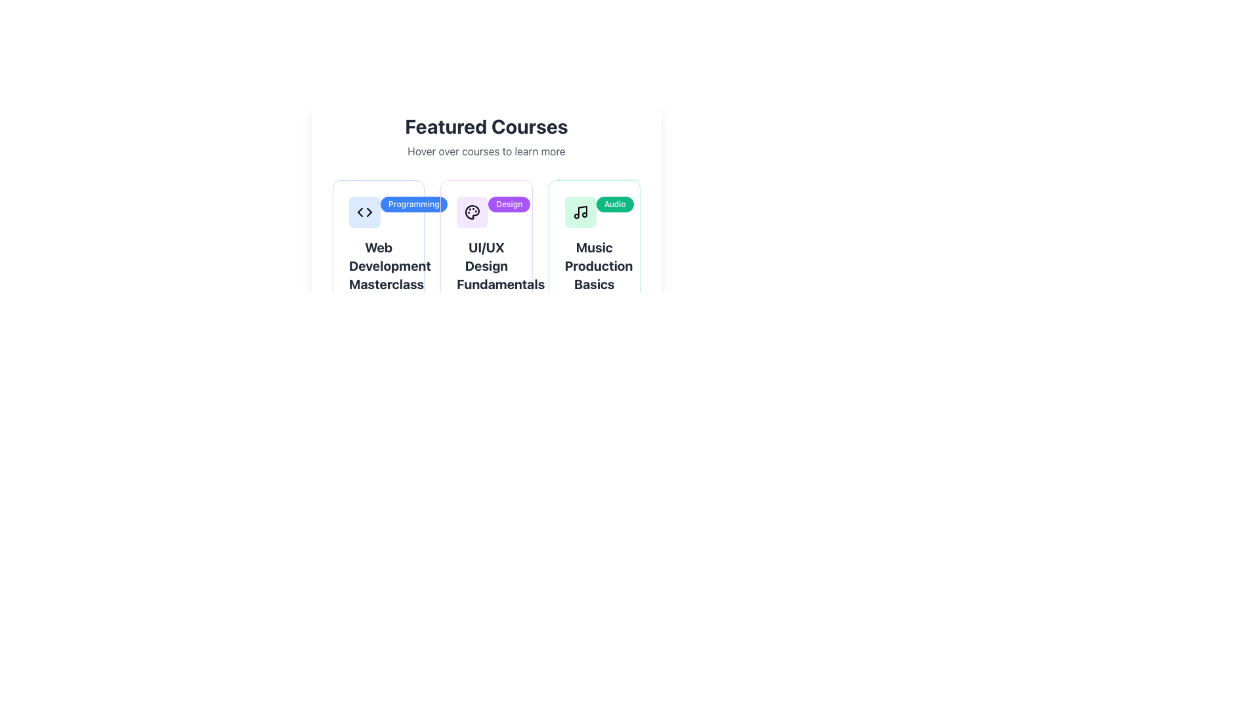 This screenshot has width=1260, height=708. What do you see at coordinates (472, 212) in the screenshot?
I see `the square icon with a light purple background and a black palette symbol, located in the second column of the 'Featured Courses' row, associated with the 'Design' tag, above the text 'UI/UX Design Fundamentals'` at bounding box center [472, 212].